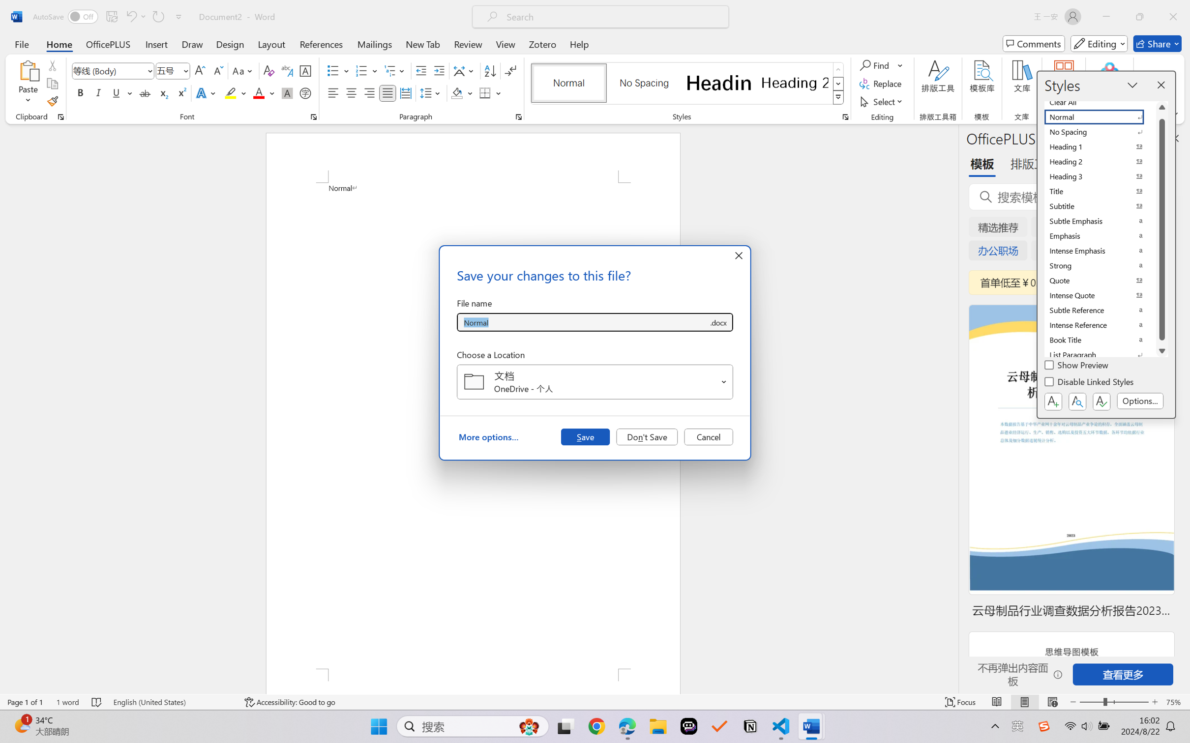  I want to click on 'Save as type', so click(717, 322).